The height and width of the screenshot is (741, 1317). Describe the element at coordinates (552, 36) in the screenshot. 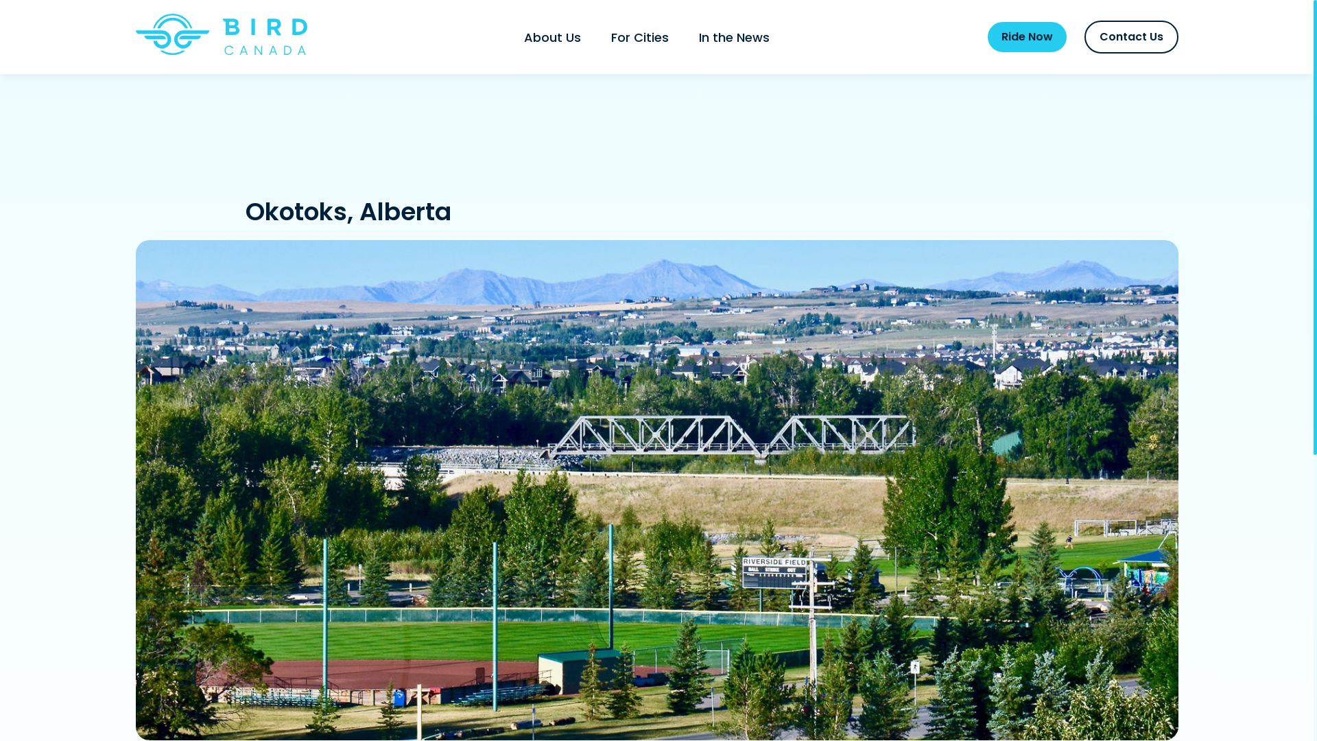

I see `'About Us'` at that location.